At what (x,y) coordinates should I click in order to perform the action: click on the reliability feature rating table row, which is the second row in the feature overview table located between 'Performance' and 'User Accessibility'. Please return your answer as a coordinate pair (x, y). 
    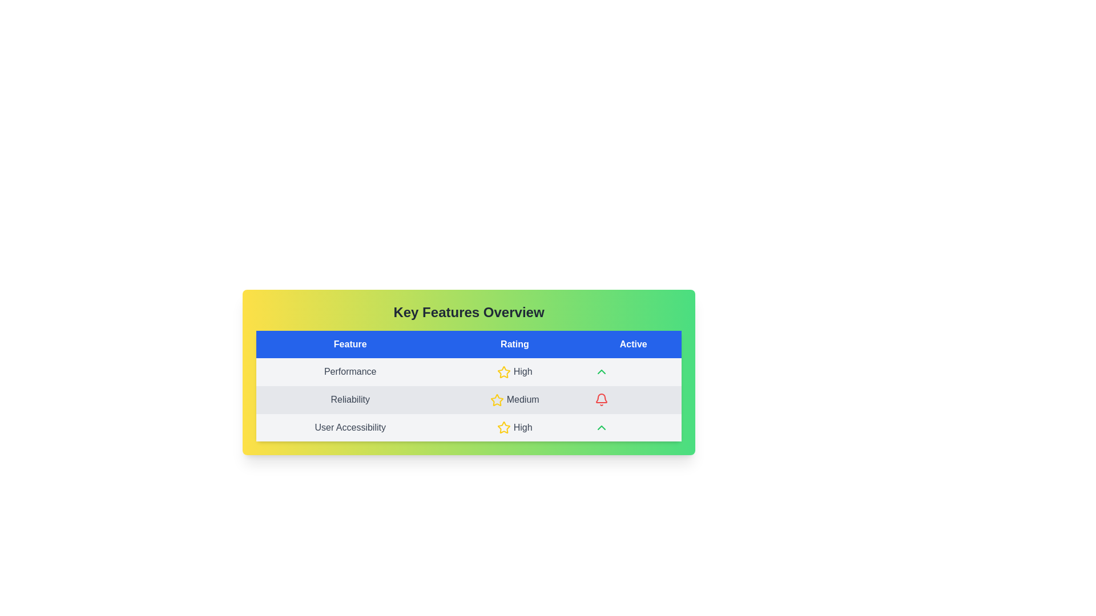
    Looking at the image, I should click on (469, 399).